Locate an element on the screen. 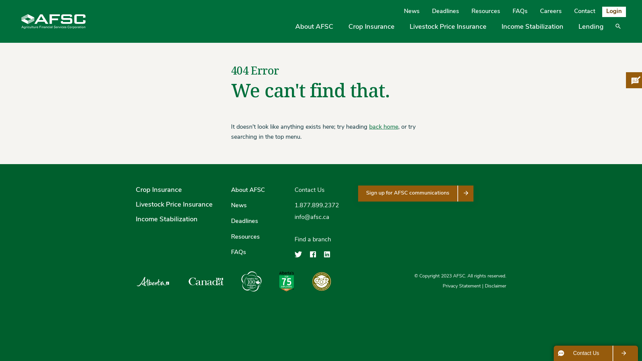 The height and width of the screenshot is (361, 642). 'Disclaimer' is located at coordinates (496, 286).